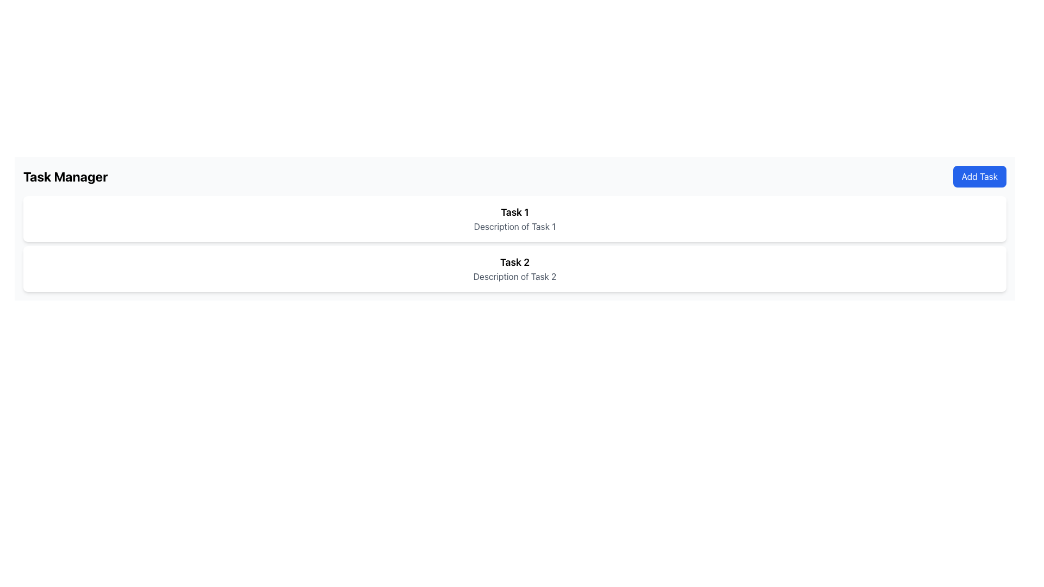 Image resolution: width=1044 pixels, height=587 pixels. What do you see at coordinates (979, 176) in the screenshot?
I see `the button located on the far right of the header section to initiate the action of adding a new task` at bounding box center [979, 176].